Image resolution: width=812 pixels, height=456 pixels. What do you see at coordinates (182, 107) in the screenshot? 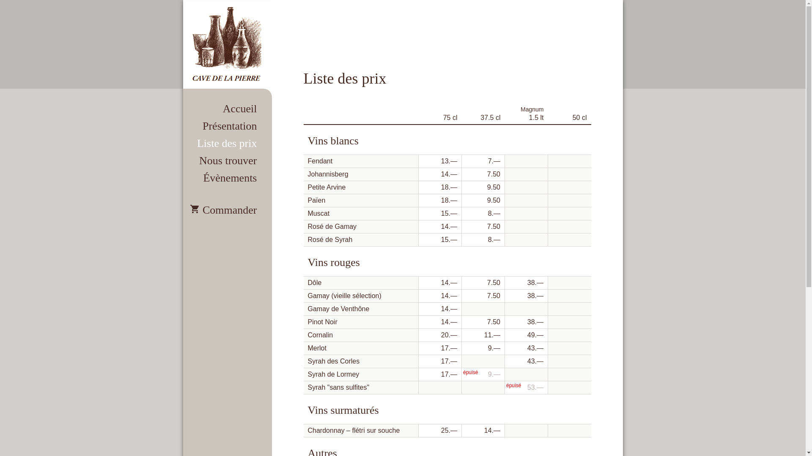
I see `'Accueil'` at bounding box center [182, 107].